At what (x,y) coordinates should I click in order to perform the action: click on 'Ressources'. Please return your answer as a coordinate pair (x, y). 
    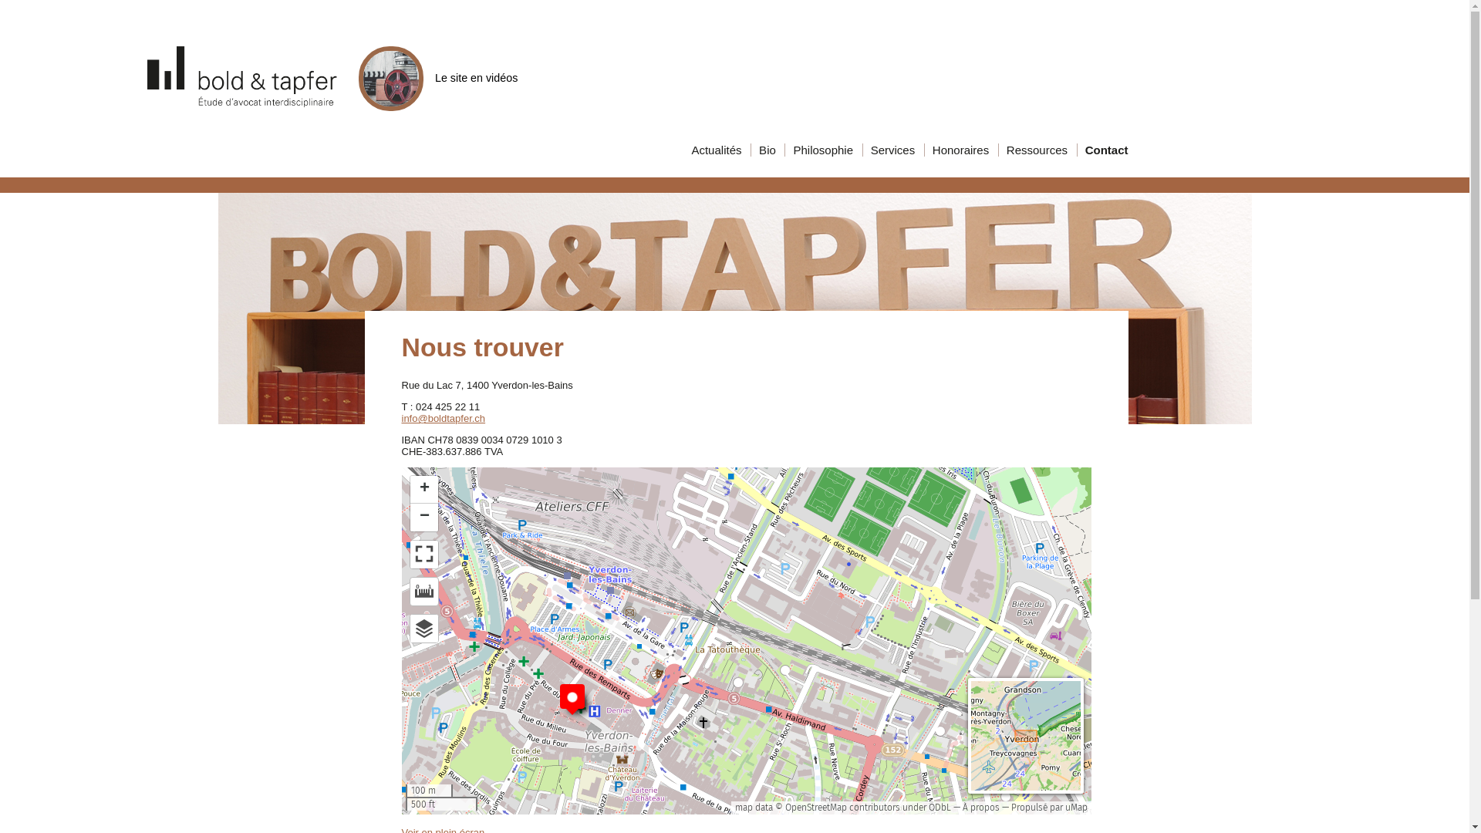
    Looking at the image, I should click on (1036, 150).